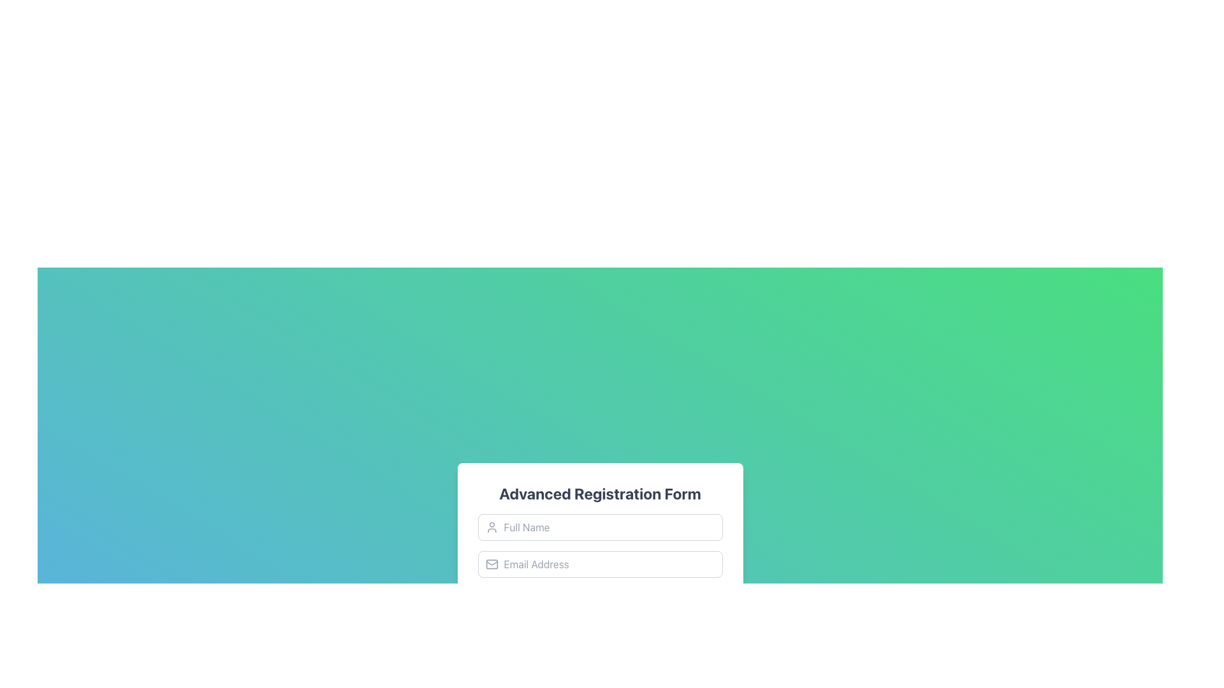  I want to click on the user silhouette icon located to the left of the 'Full Name' input field in the 'Advanced Registration Form' section, so click(491, 527).